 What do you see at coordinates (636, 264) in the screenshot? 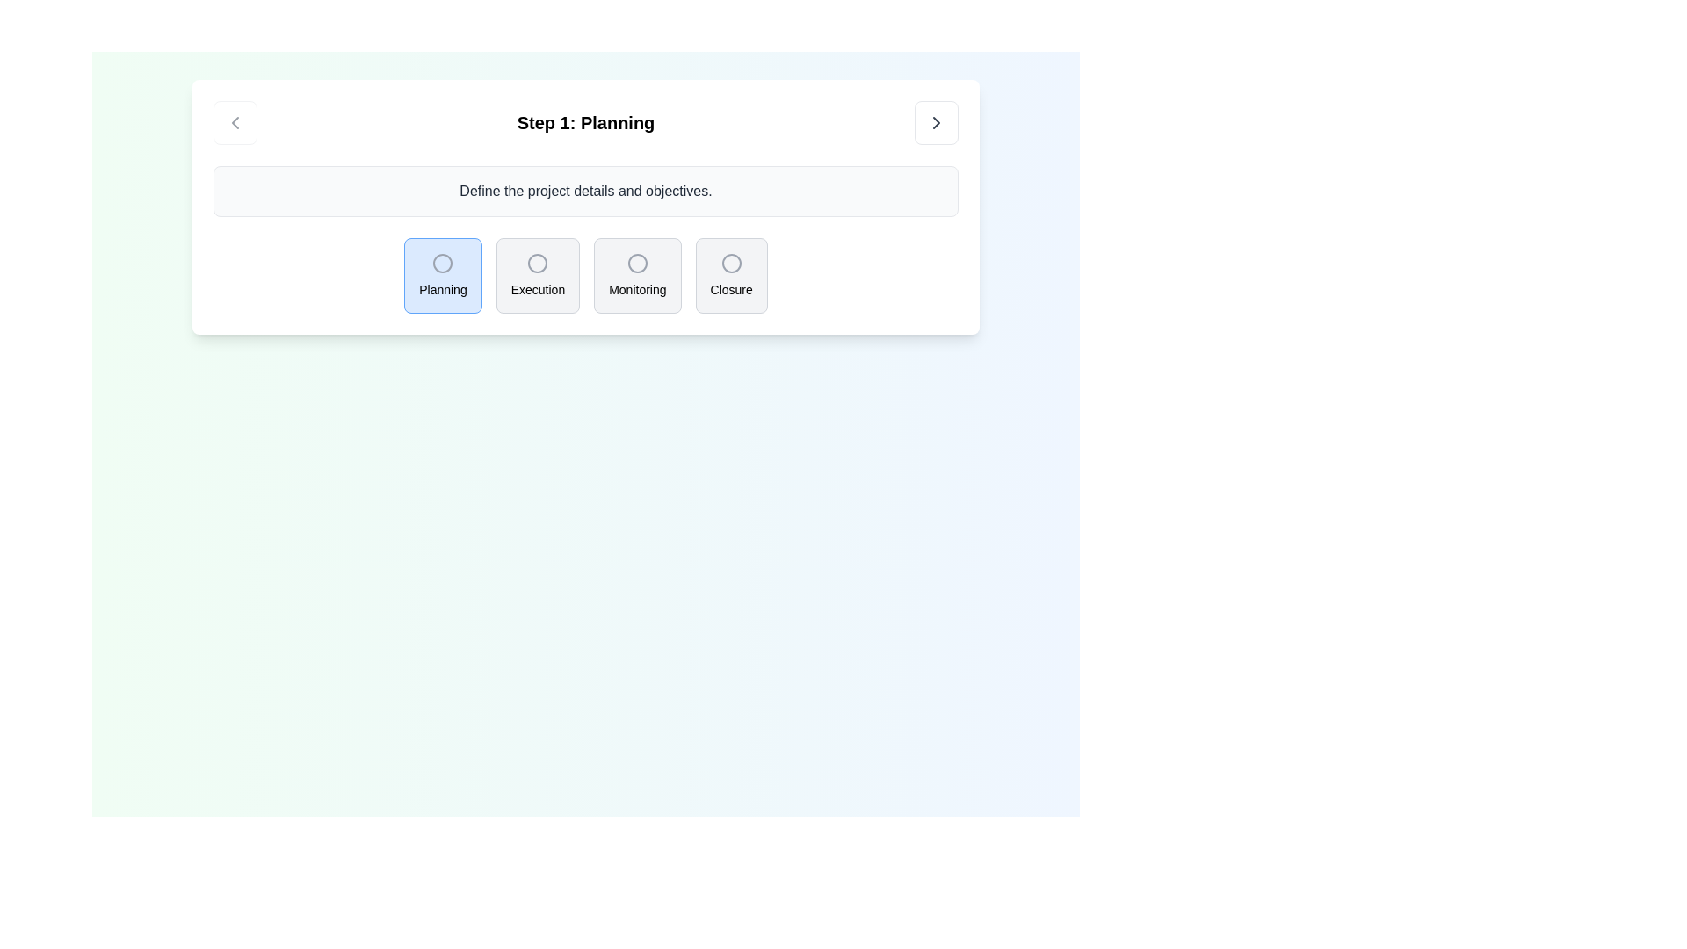
I see `the 'Monitoring' icon, which is part of a selectable button group displayed beneath the heading 'Step 1: Planning'` at bounding box center [636, 264].